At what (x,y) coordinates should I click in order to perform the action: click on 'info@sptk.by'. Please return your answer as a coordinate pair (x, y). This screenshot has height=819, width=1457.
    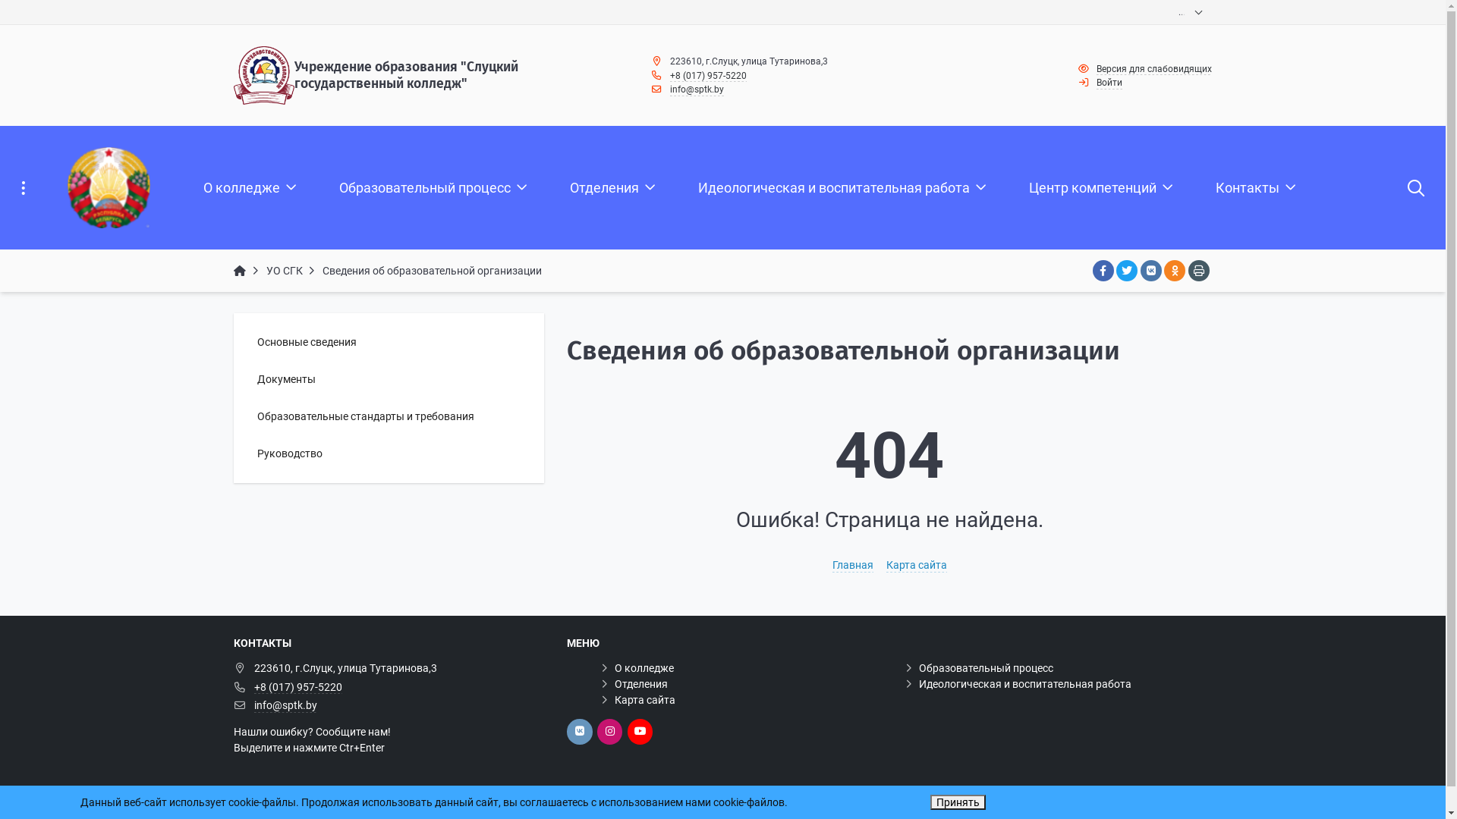
    Looking at the image, I should click on (696, 90).